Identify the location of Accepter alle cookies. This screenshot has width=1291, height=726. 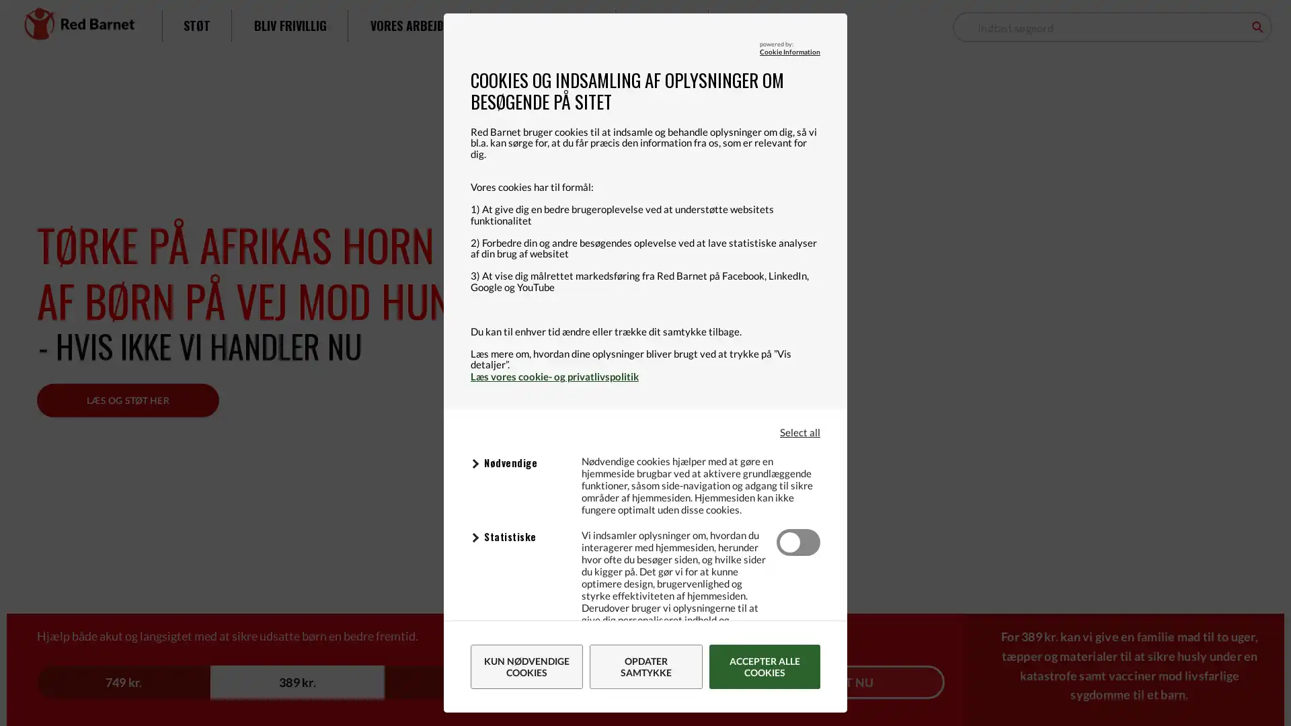
(764, 666).